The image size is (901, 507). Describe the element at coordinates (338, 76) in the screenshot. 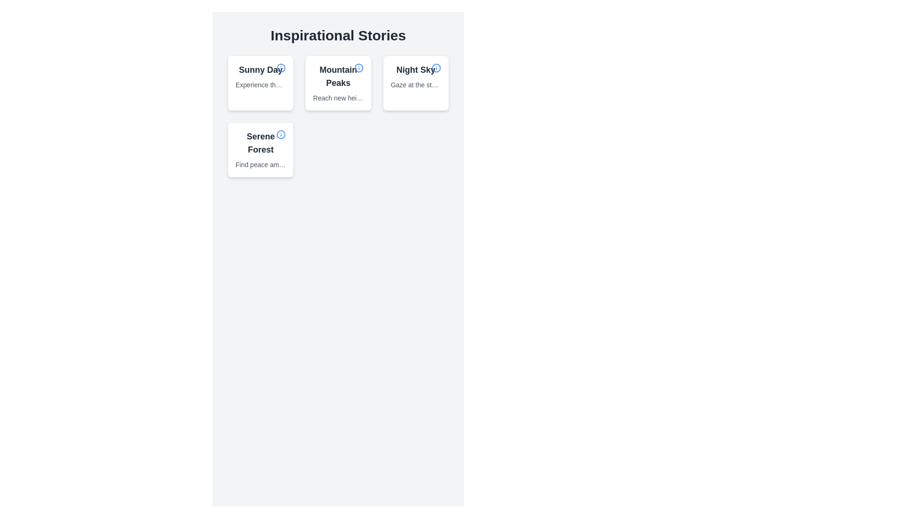

I see `the text label 'Mountain Peaks', which is styled in bold, large dark gray font and is located in the second card under 'Inspirational Stories'` at that location.